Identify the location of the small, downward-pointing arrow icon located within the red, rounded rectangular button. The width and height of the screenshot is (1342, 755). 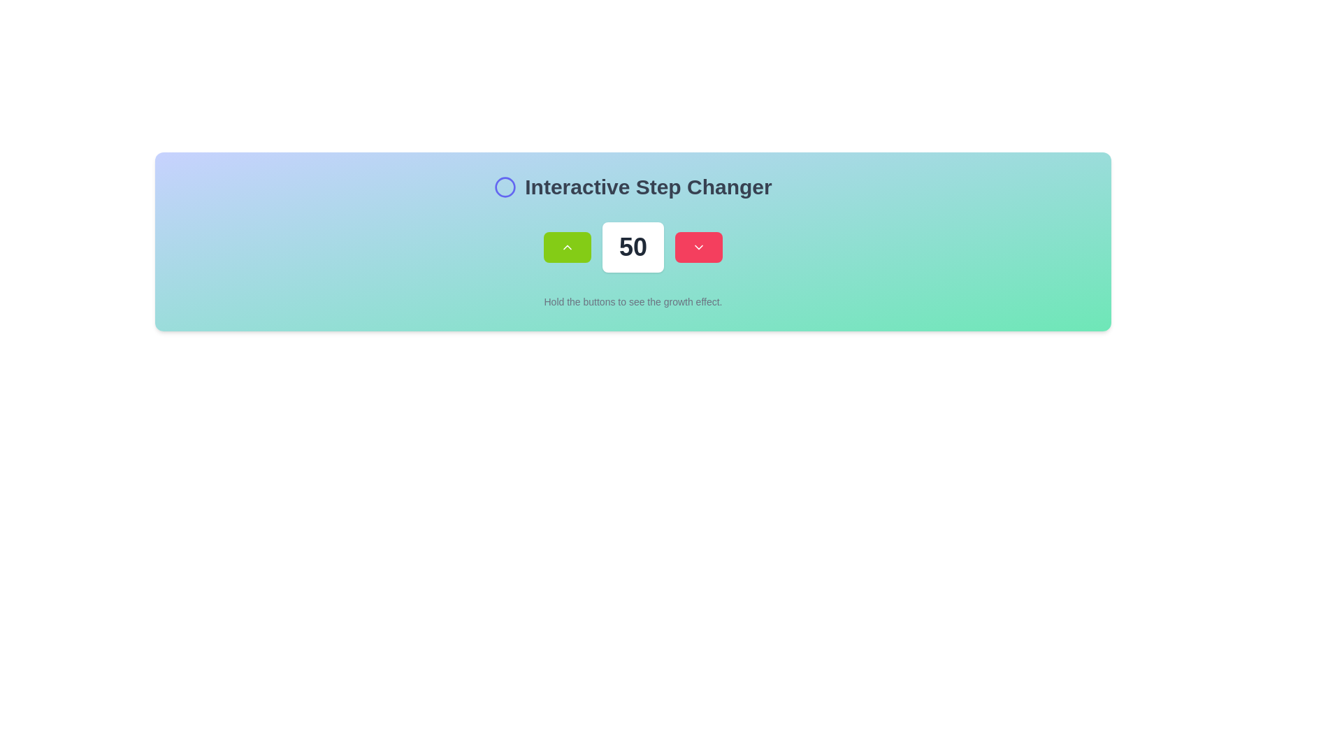
(698, 247).